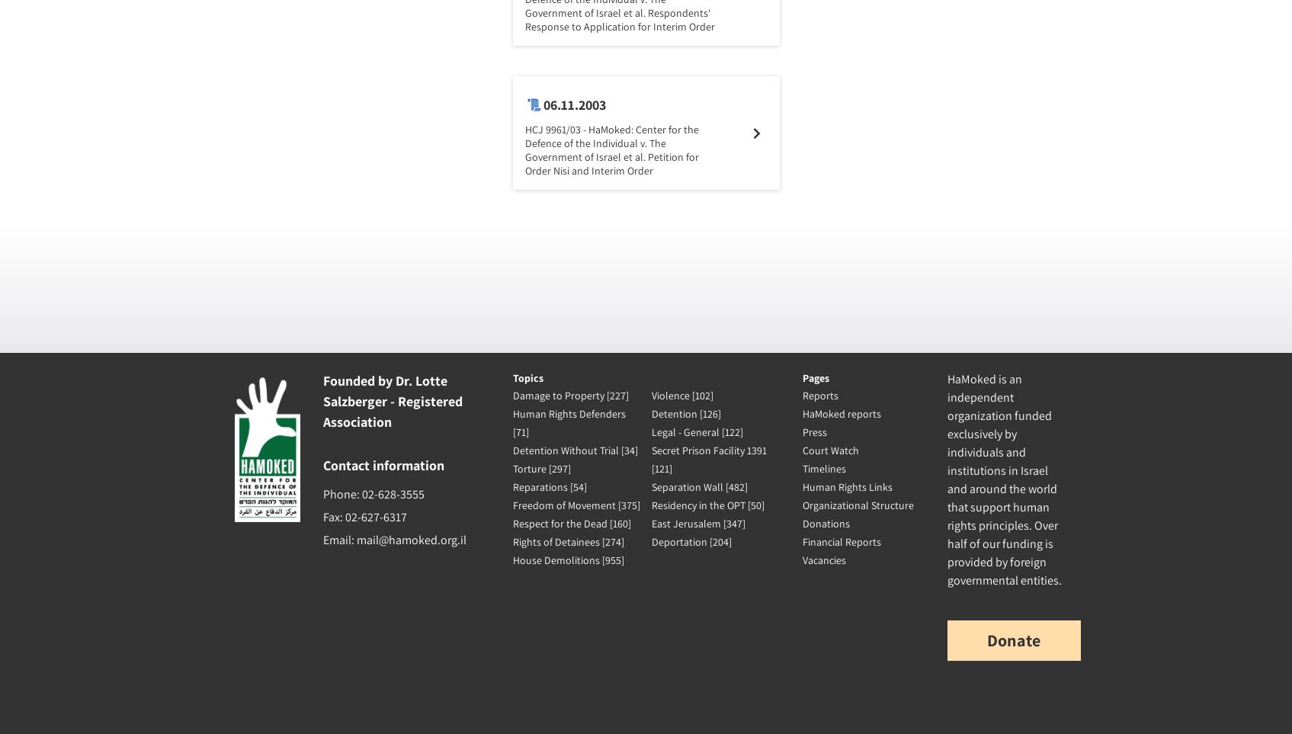  Describe the element at coordinates (566, 540) in the screenshot. I see `'Rights of Detainees [274]'` at that location.